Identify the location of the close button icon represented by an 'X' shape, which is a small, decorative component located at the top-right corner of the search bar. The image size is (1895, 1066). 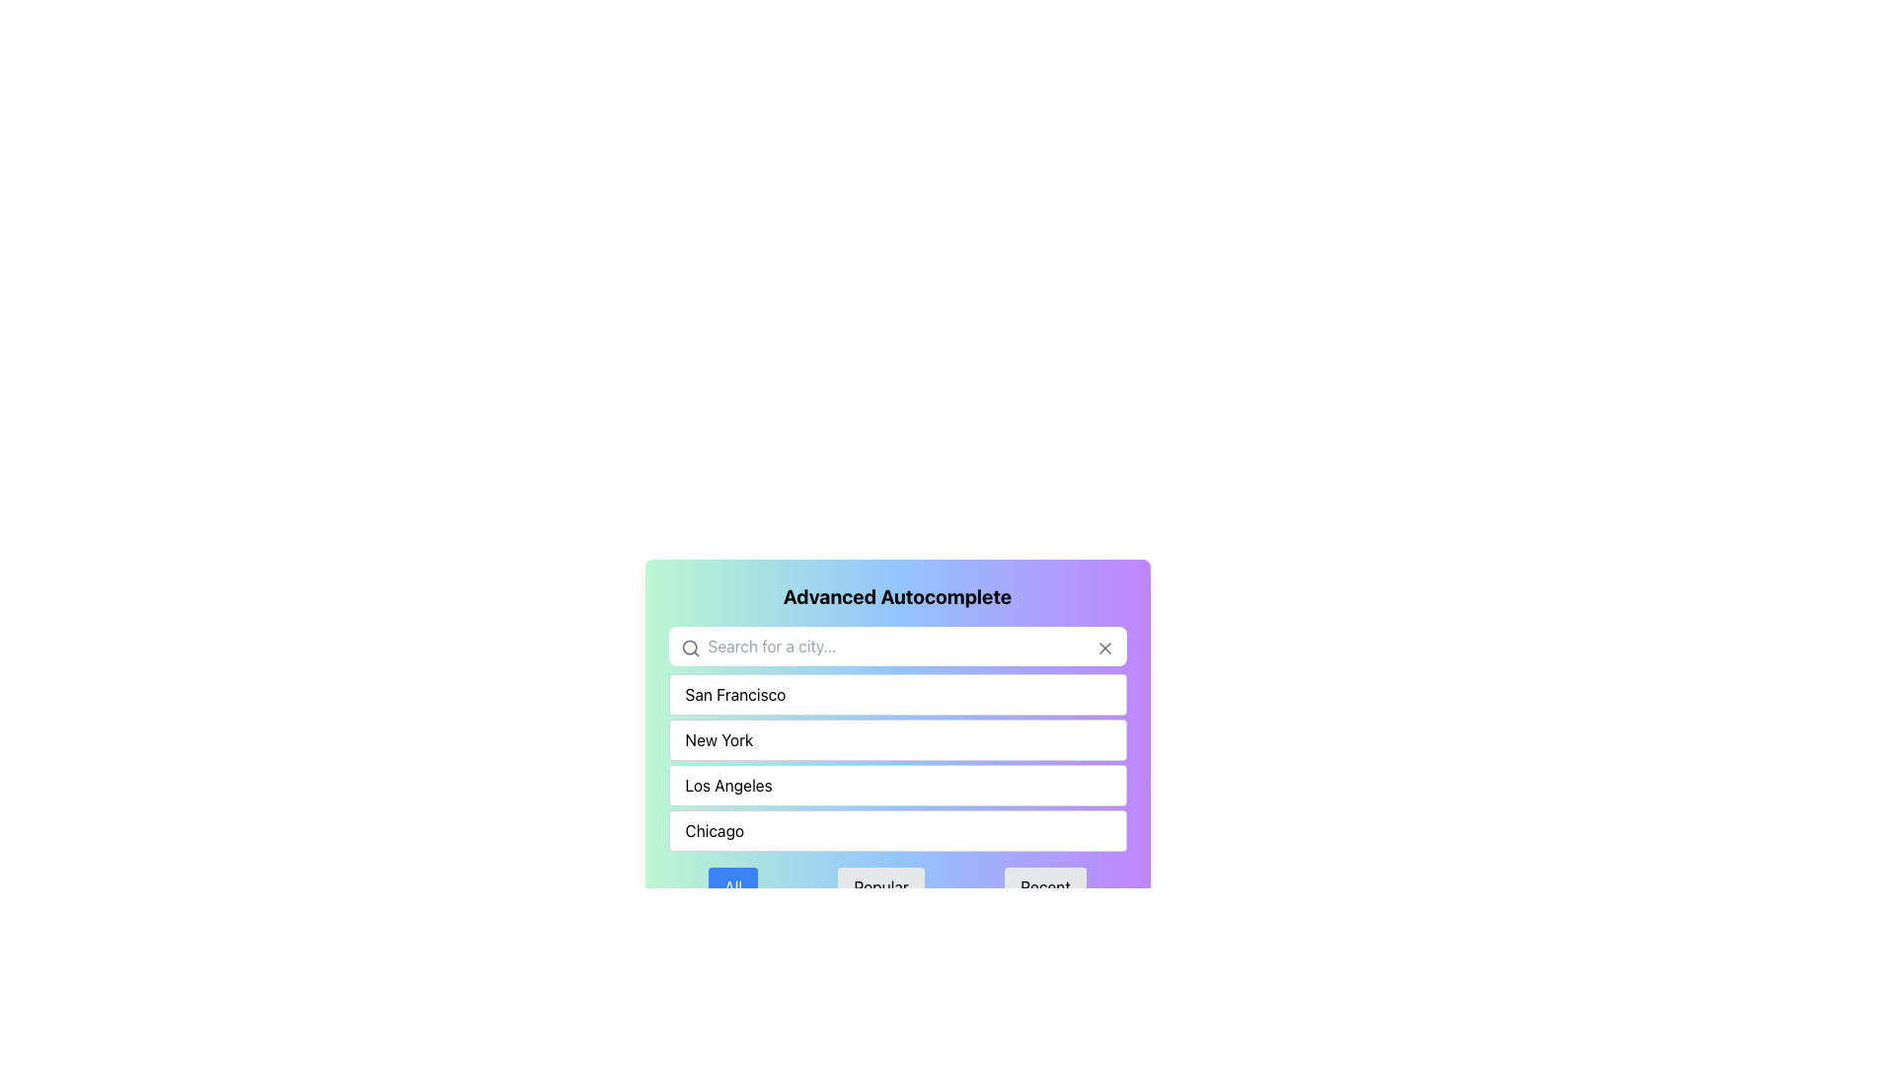
(1103, 647).